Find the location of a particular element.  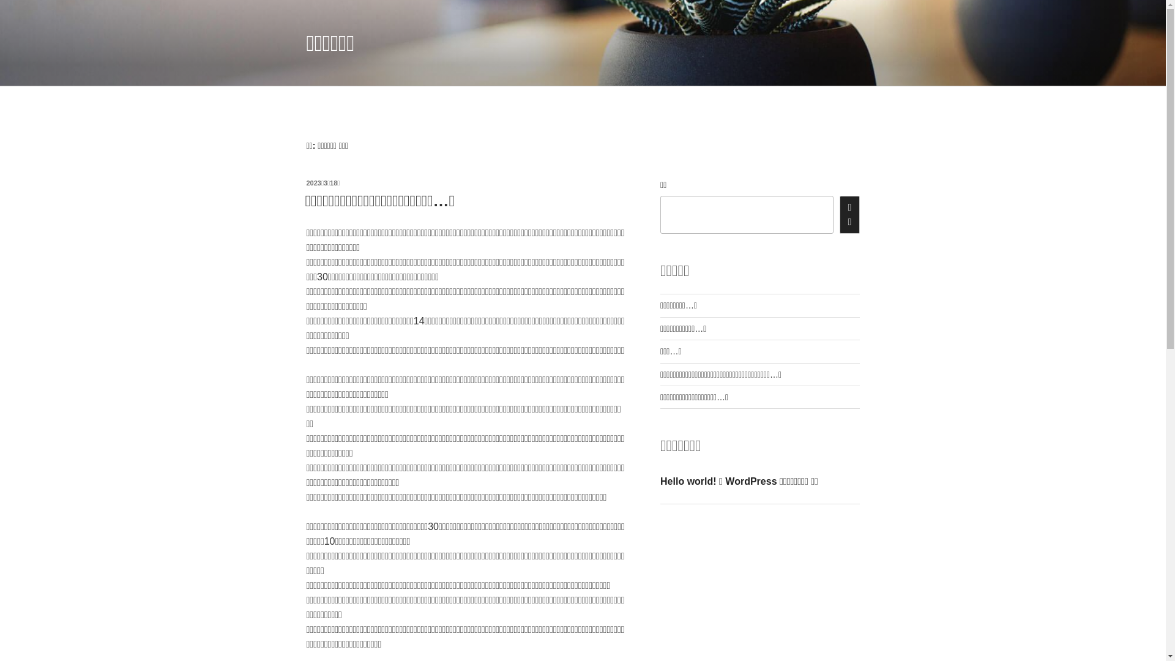

'Hello world!' is located at coordinates (688, 480).